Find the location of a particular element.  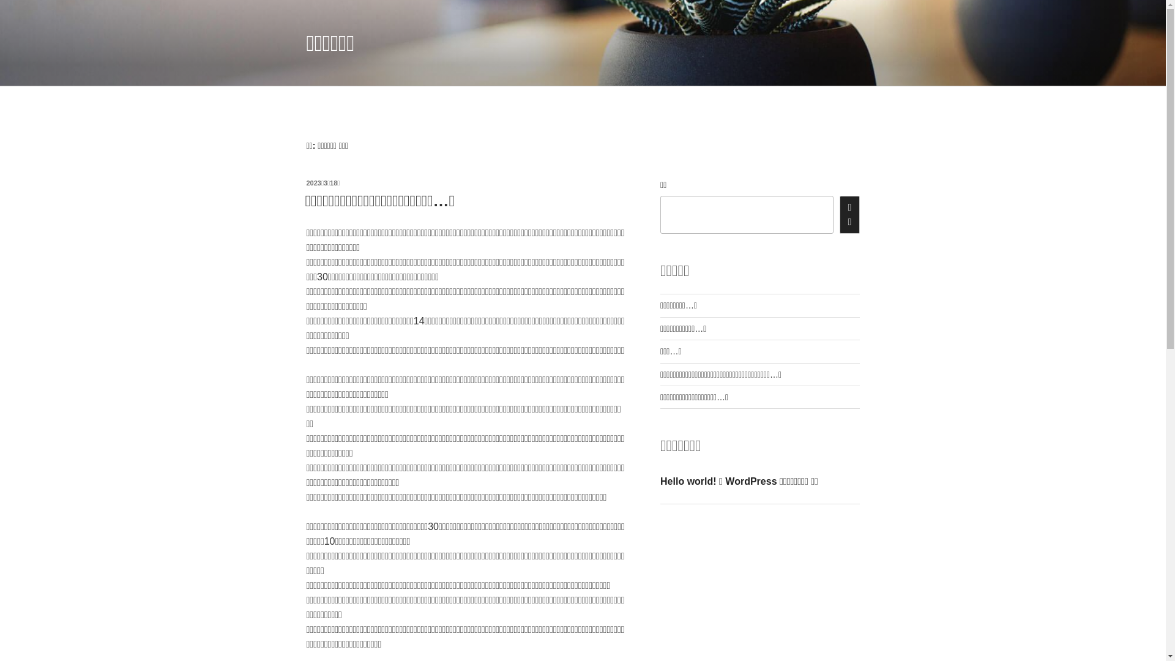

'Hello world!' is located at coordinates (688, 480).